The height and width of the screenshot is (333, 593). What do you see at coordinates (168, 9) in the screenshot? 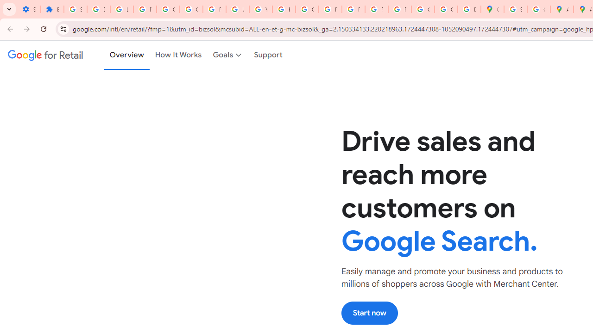
I see `'Google Account Help'` at bounding box center [168, 9].